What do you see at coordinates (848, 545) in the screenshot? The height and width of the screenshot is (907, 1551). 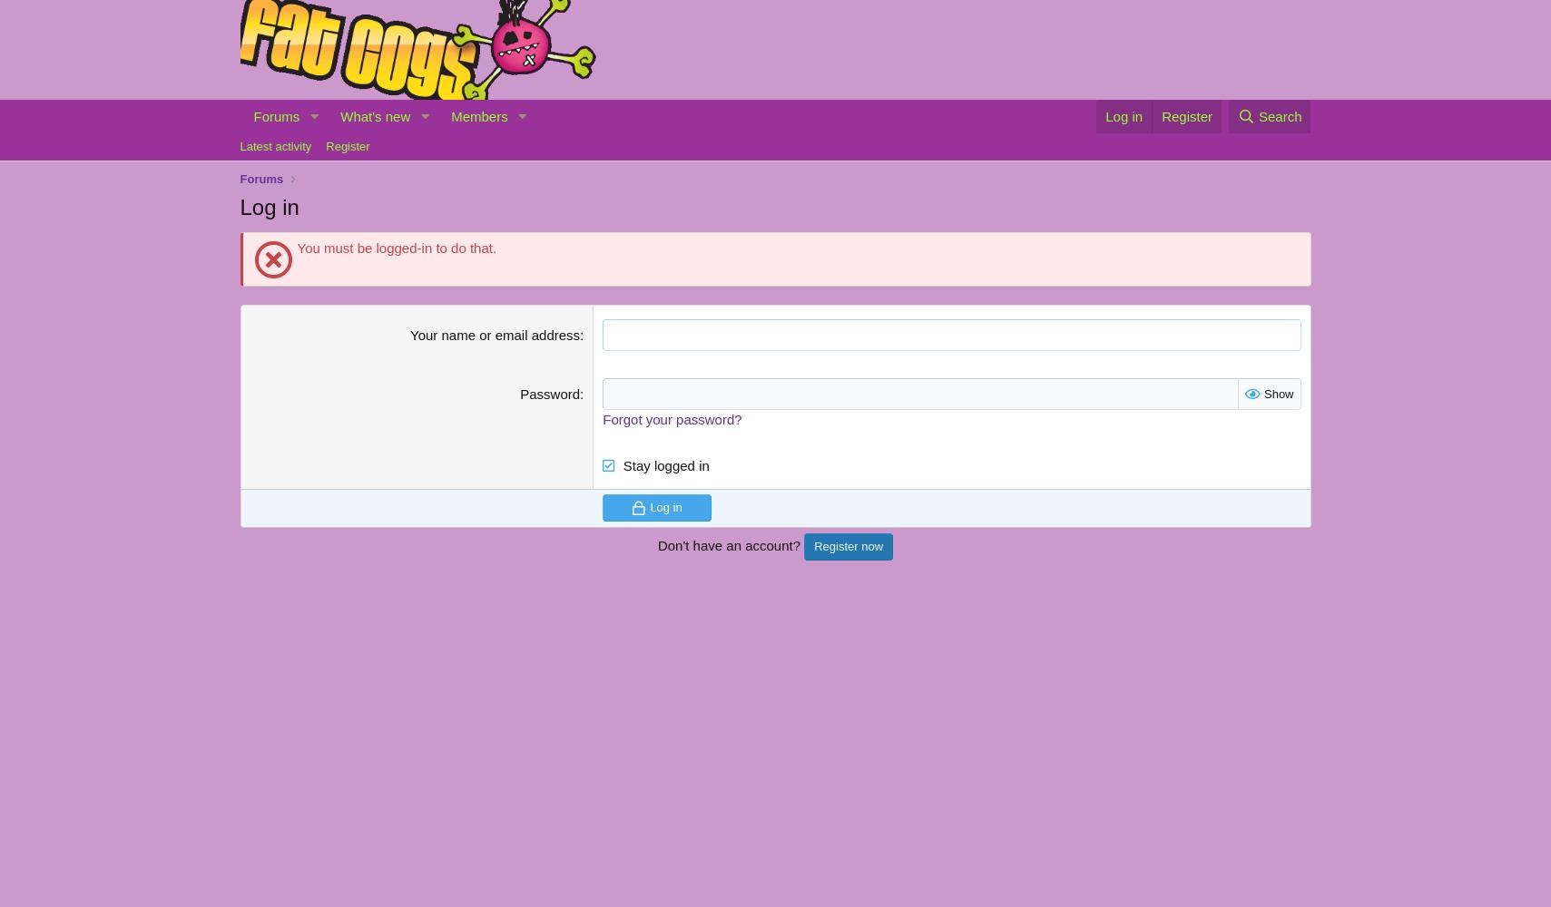 I see `'Register now'` at bounding box center [848, 545].